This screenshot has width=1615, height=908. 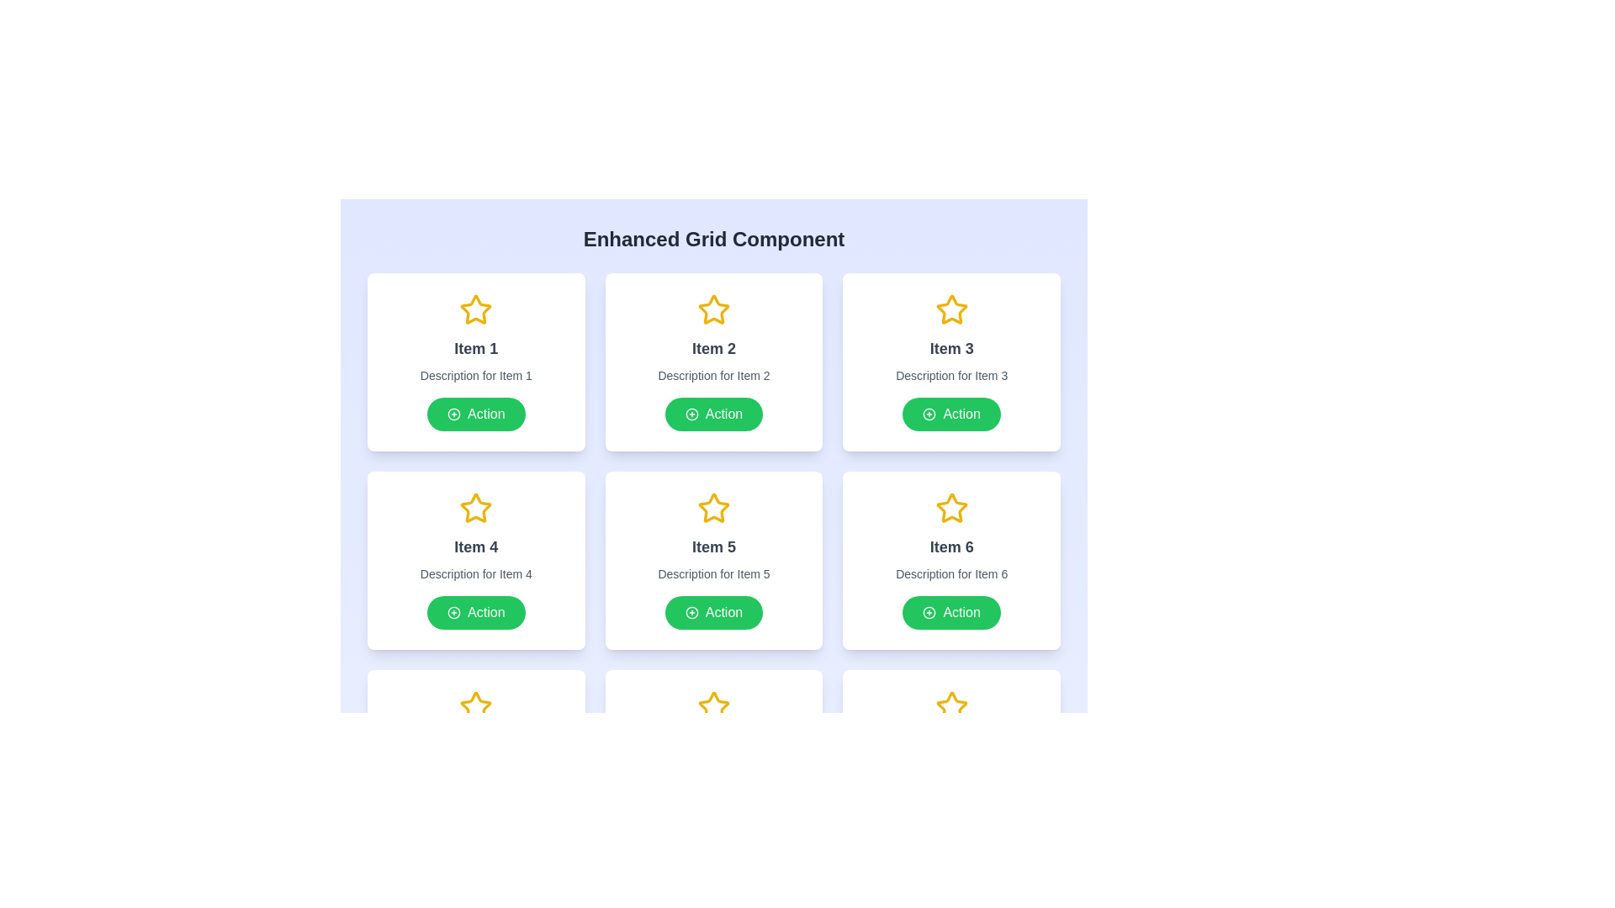 What do you see at coordinates (929, 613) in the screenshot?
I see `the small circular graphical icon depicting a plus sign inside the 'Action' button located under the card for 'Item 6' in the grid layout` at bounding box center [929, 613].